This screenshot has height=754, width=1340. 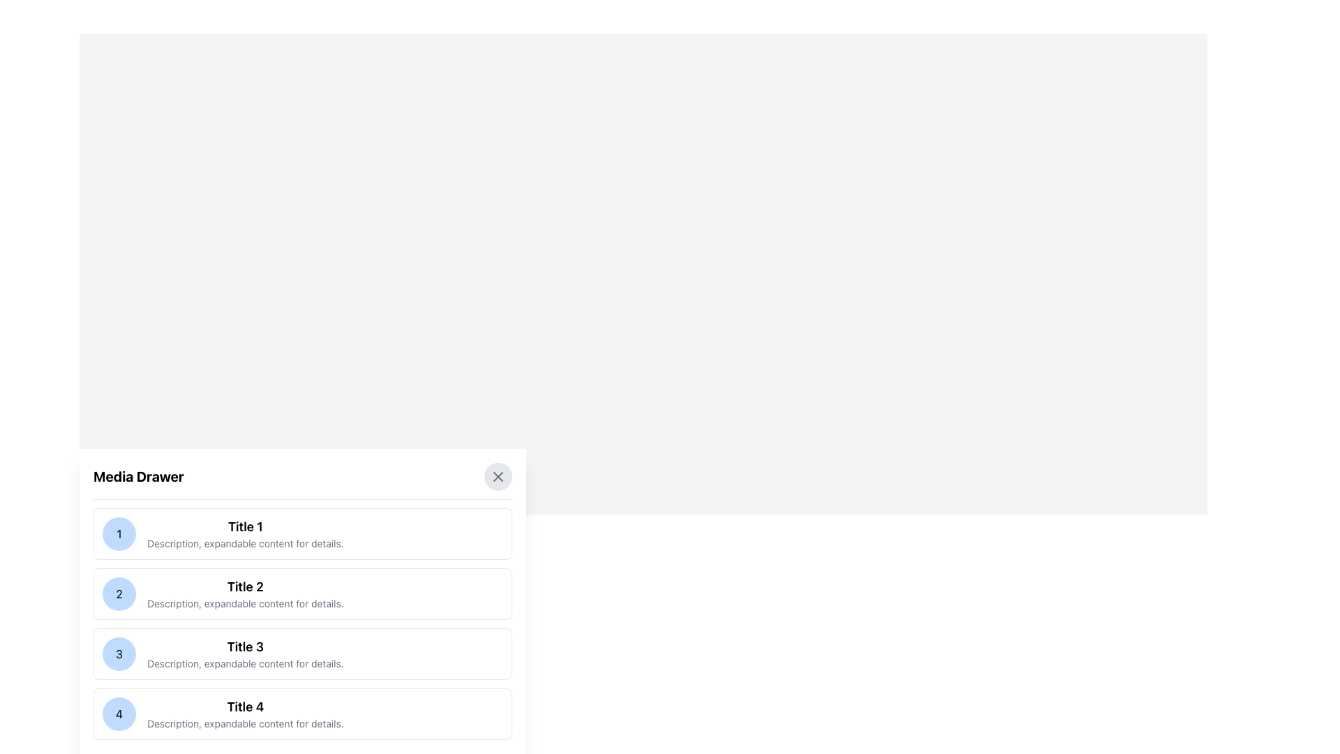 I want to click on the first list item entry in the side panel, so click(x=301, y=533).